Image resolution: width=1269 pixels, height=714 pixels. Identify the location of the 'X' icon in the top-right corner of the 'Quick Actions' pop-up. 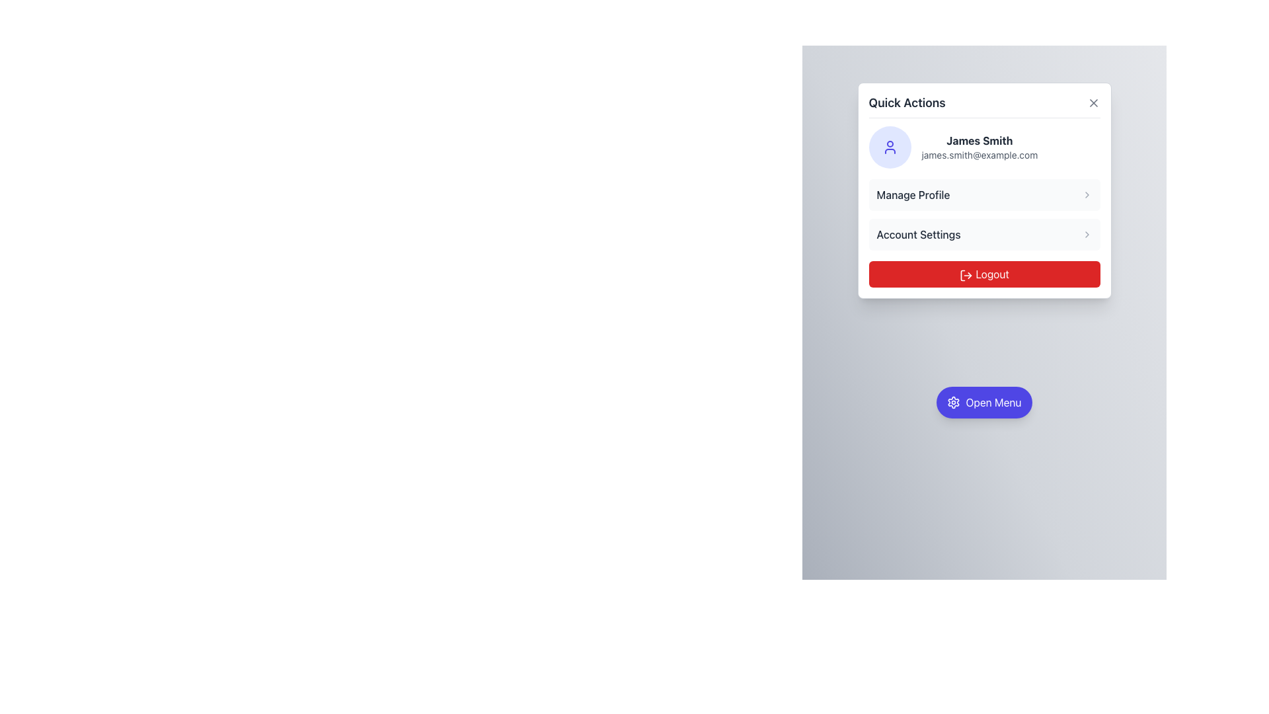
(1093, 102).